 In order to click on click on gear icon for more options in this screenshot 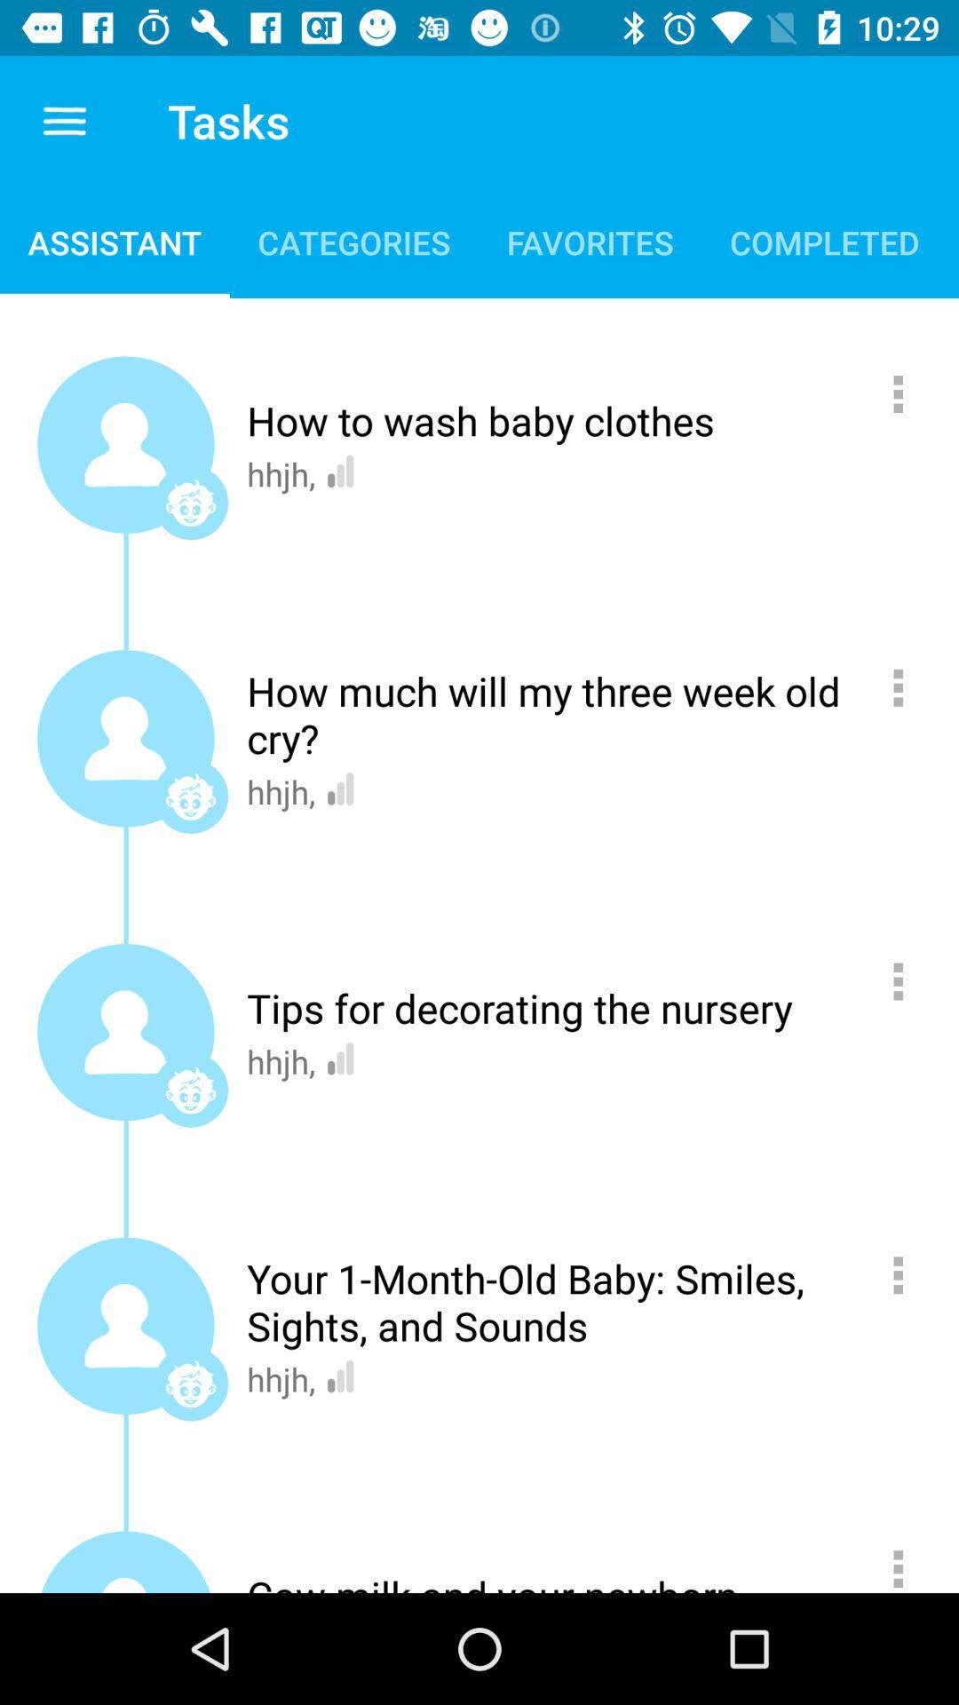, I will do `click(907, 1561)`.